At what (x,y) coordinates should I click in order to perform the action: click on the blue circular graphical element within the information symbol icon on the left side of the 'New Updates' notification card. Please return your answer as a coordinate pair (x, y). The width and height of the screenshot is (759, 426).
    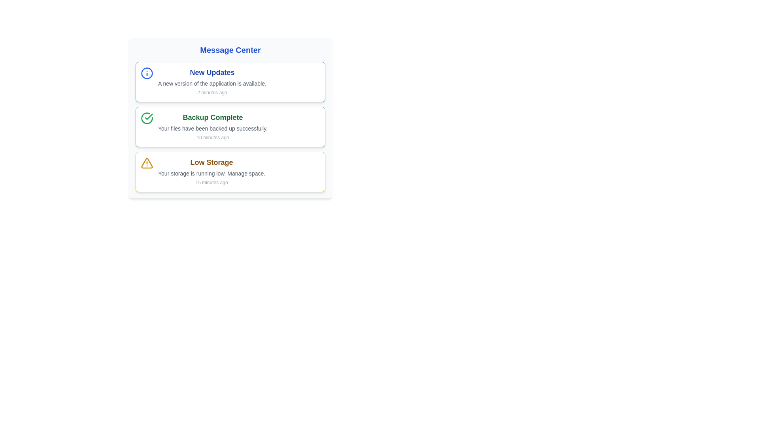
    Looking at the image, I should click on (147, 73).